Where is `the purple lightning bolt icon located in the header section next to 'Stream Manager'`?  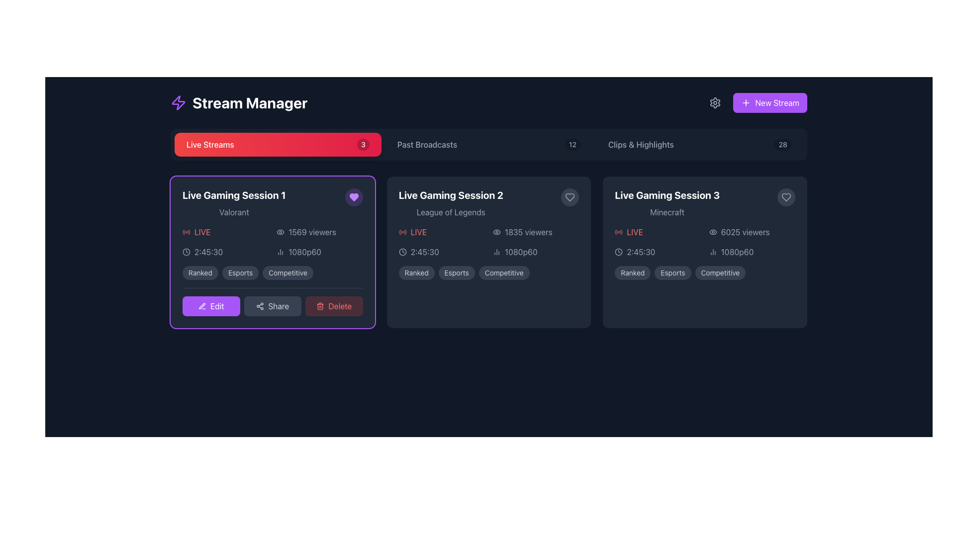
the purple lightning bolt icon located in the header section next to 'Stream Manager' is located at coordinates (179, 103).